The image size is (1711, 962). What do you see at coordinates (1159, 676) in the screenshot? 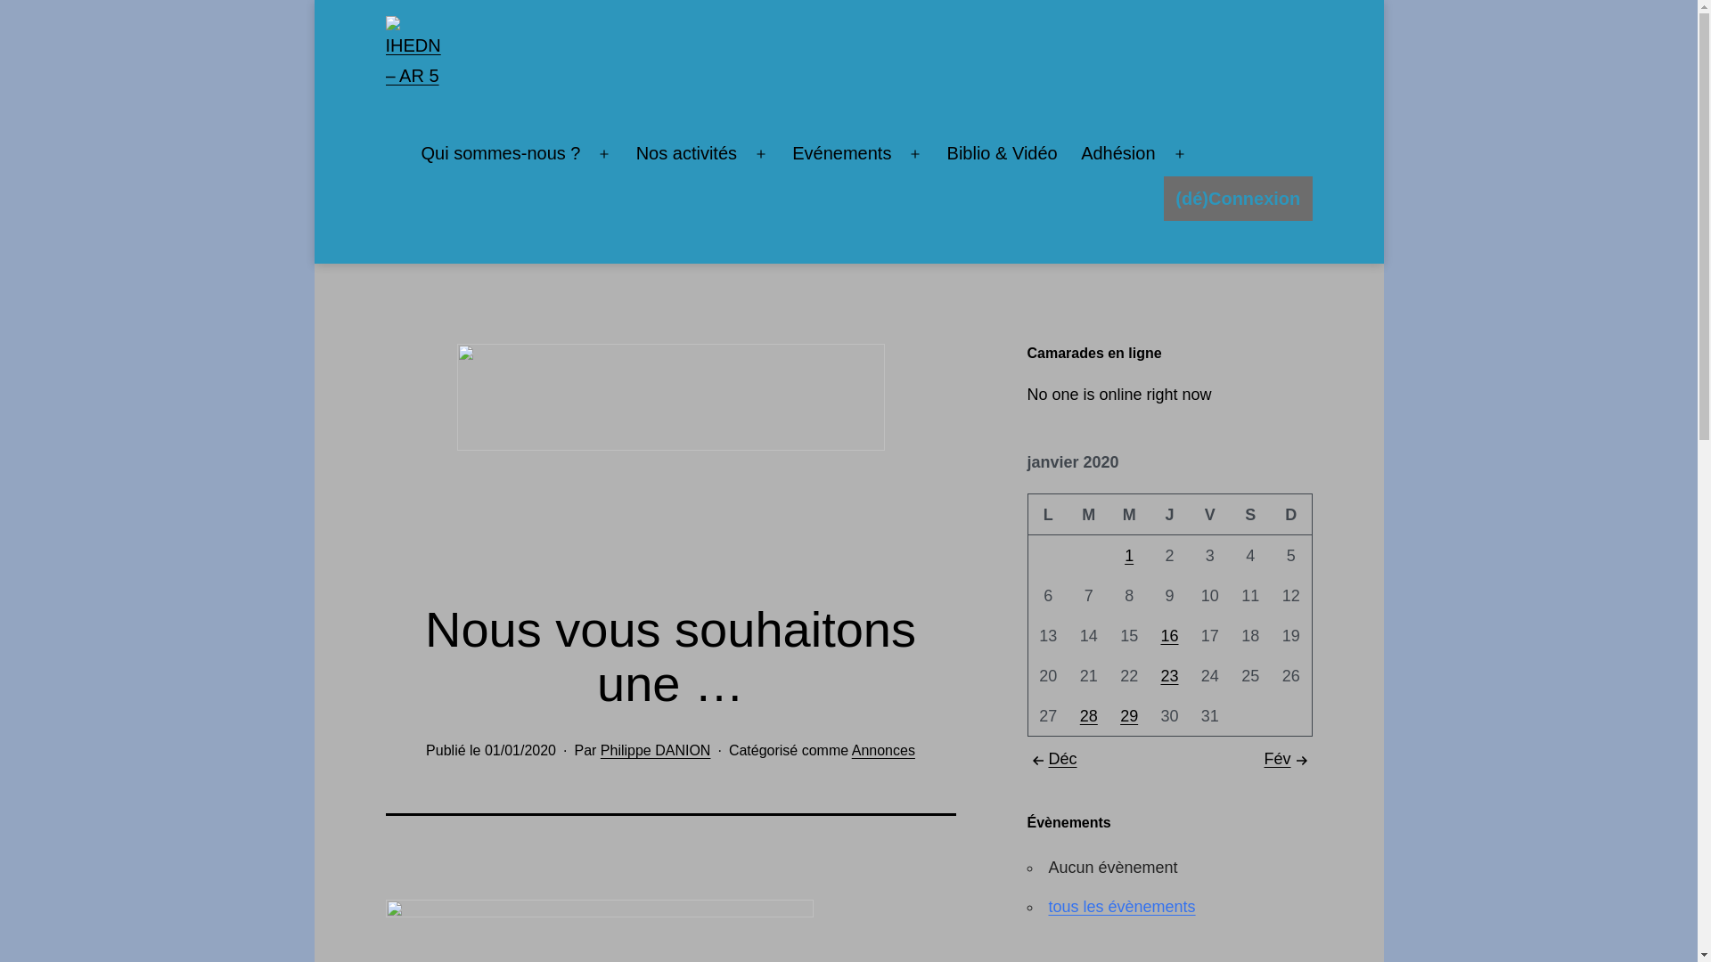
I see `'23'` at bounding box center [1159, 676].